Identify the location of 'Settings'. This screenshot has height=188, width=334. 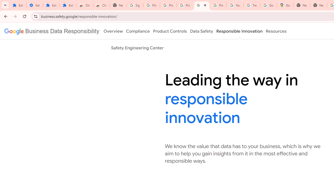
(34, 5).